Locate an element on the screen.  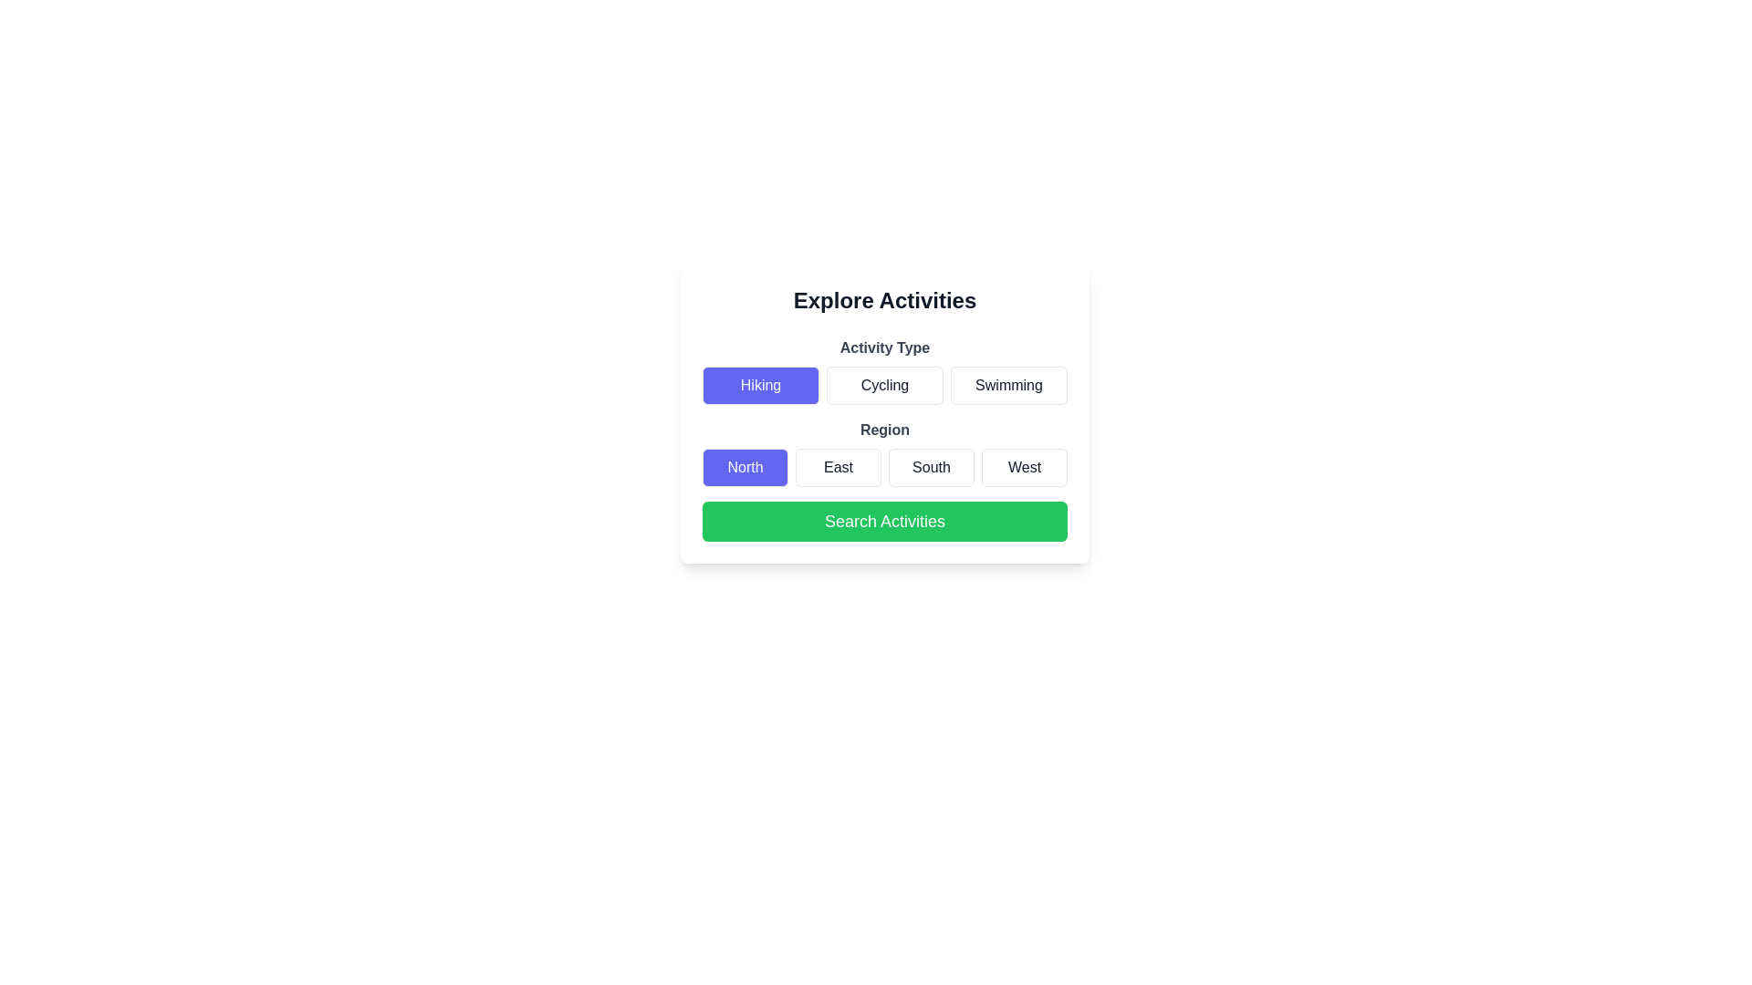
the 'West' button, which is a rectangular button with a light gray background and black text, positioned under the 'Region' heading in a grid layout is located at coordinates (1025, 467).